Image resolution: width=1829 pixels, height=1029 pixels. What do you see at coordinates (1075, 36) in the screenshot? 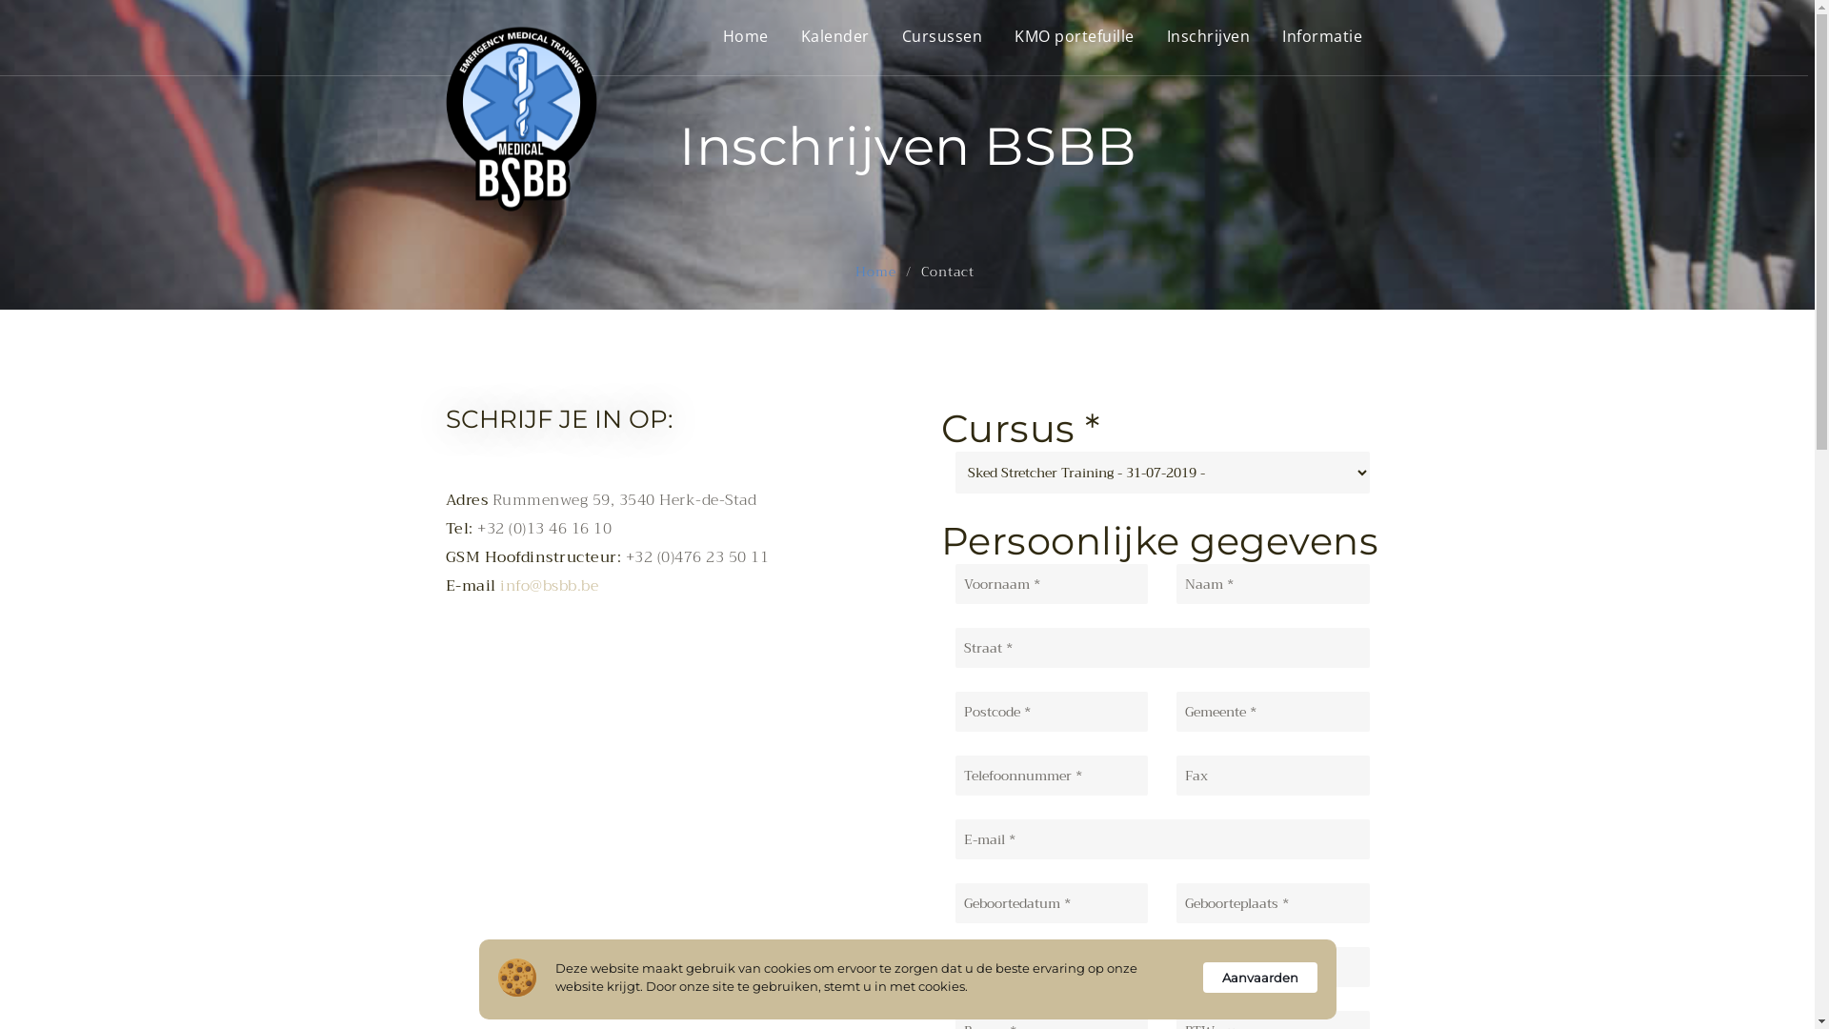
I see `'KMO portefuille'` at bounding box center [1075, 36].